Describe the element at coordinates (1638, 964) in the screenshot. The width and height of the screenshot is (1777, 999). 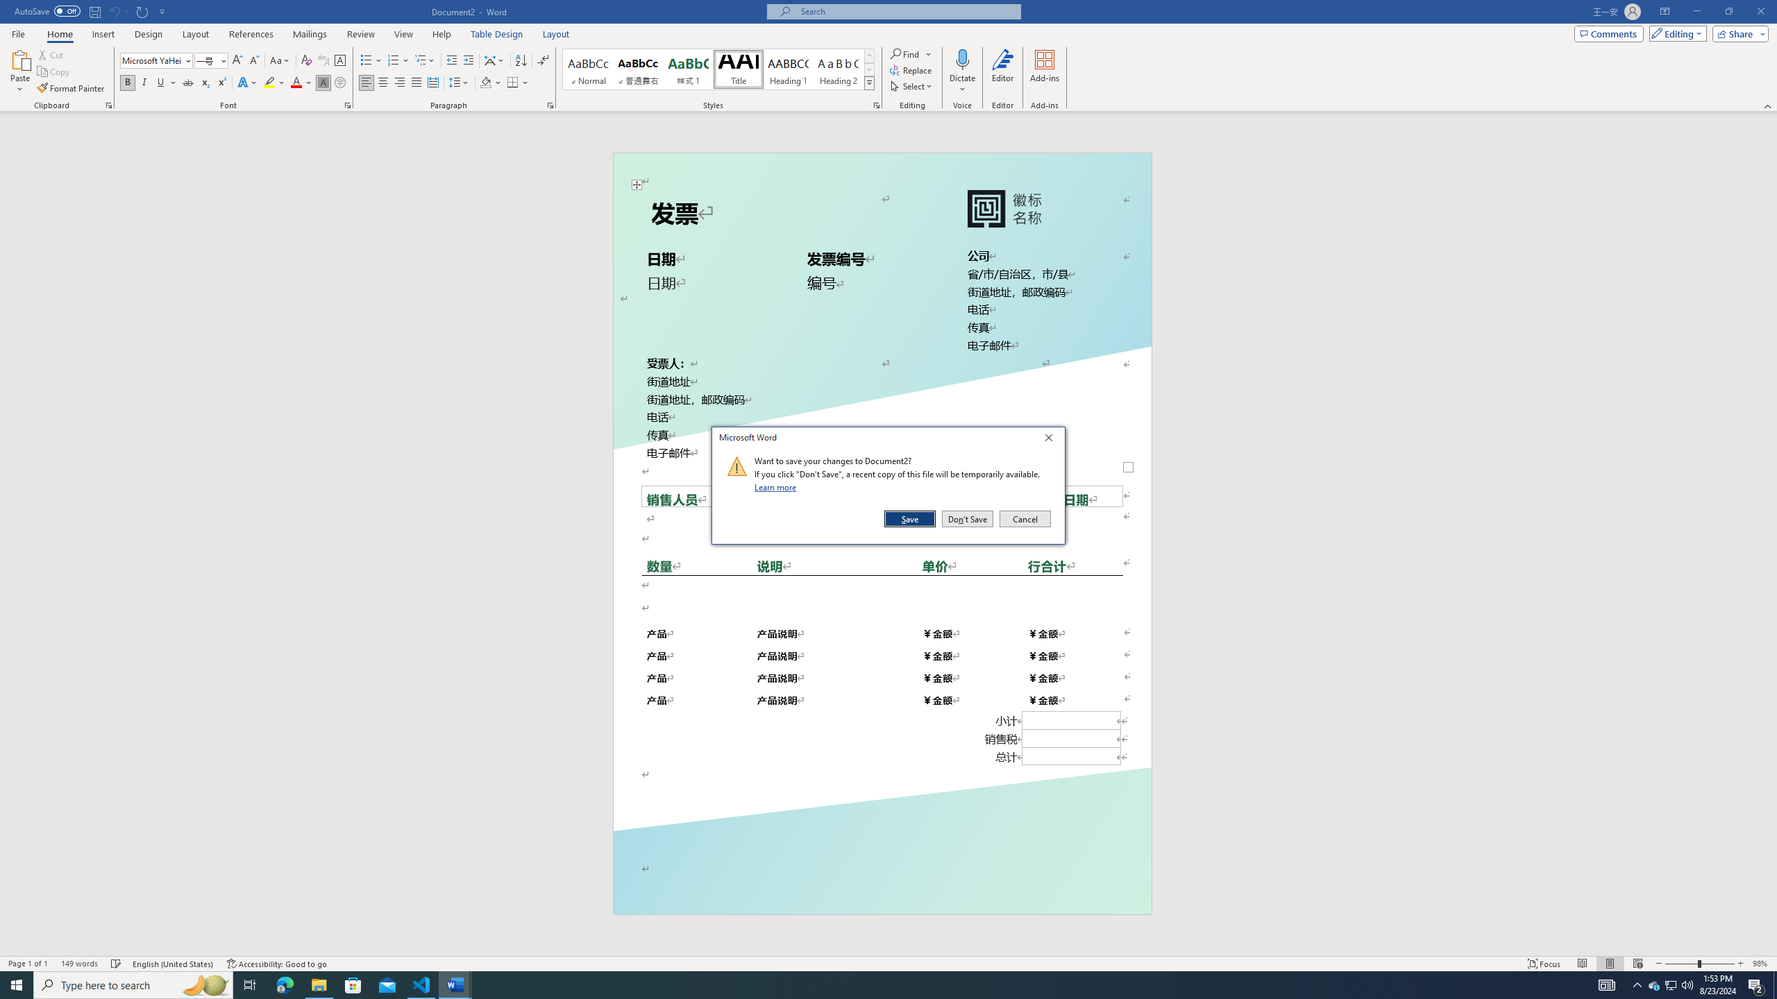
I see `'Web Layout'` at that location.